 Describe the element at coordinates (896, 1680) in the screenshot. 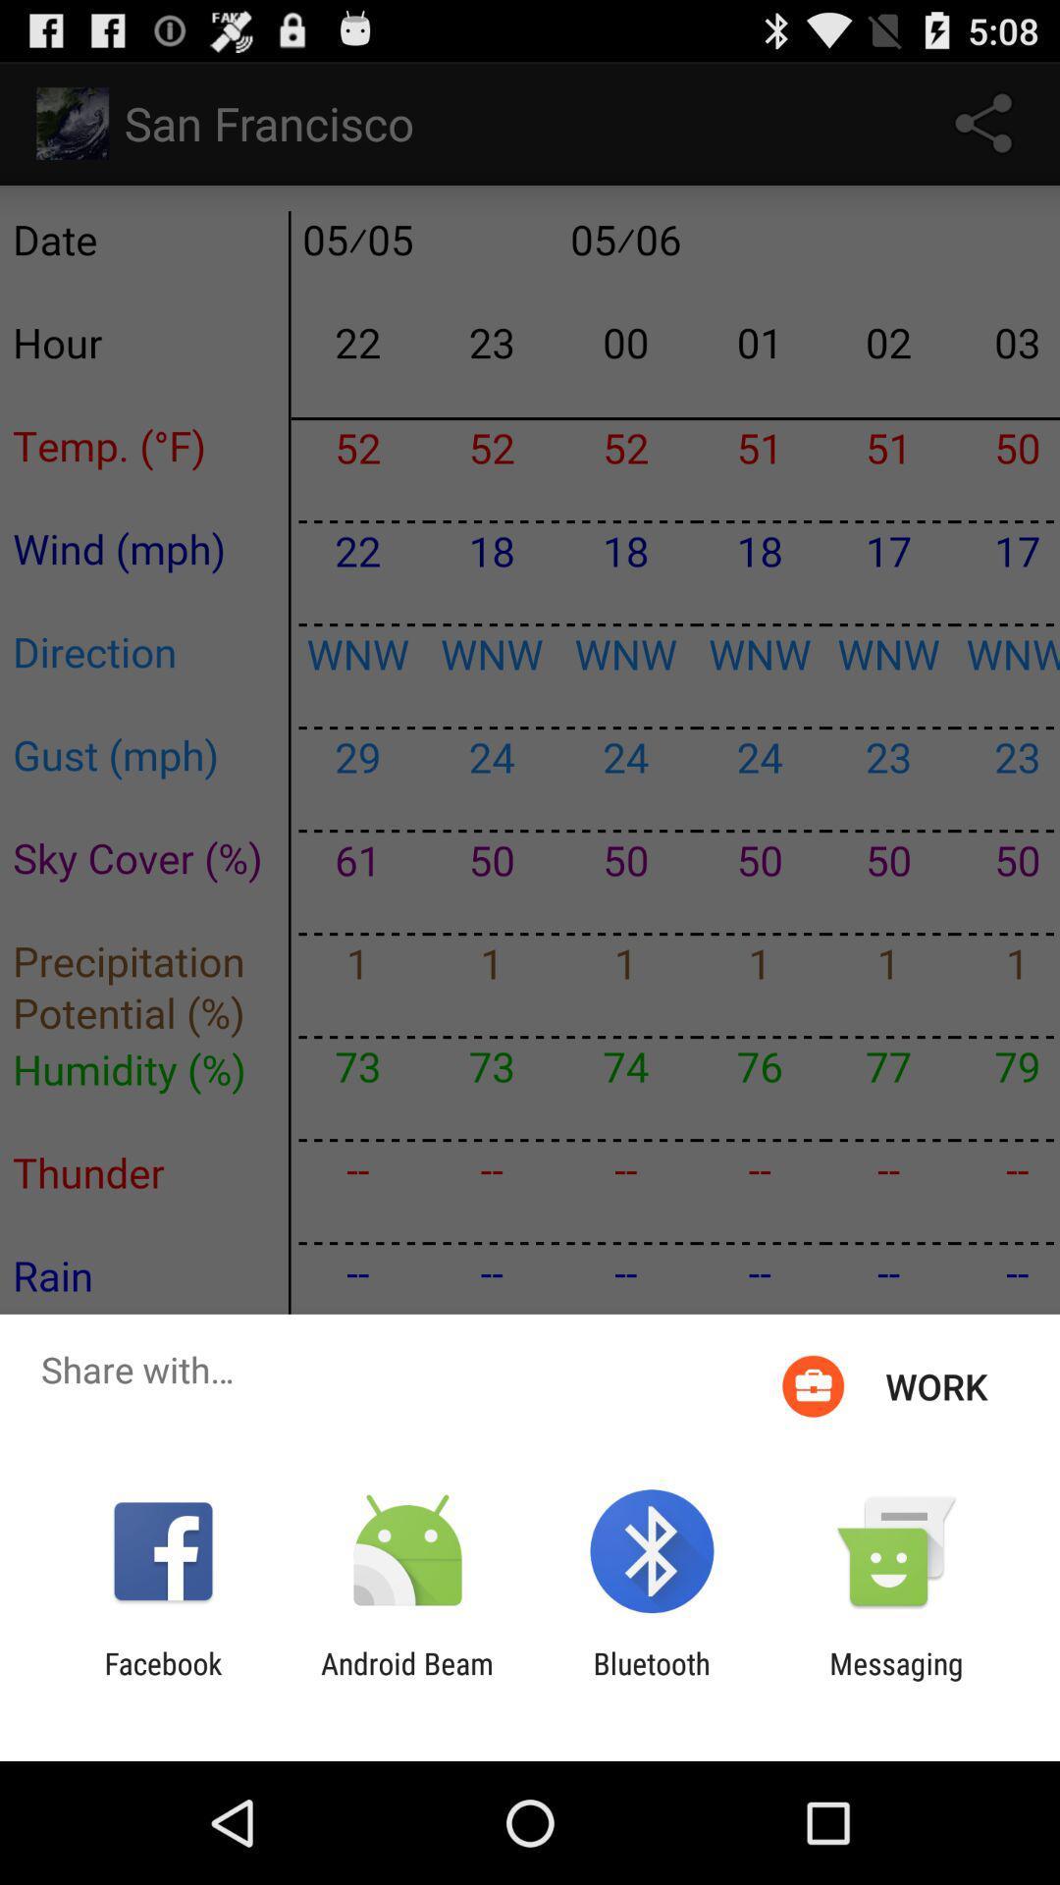

I see `the icon to the right of bluetooth app` at that location.